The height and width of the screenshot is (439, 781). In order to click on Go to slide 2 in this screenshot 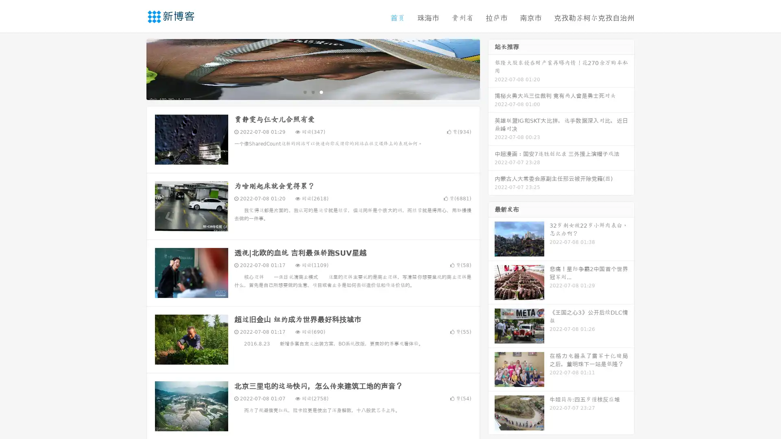, I will do `click(312, 91)`.